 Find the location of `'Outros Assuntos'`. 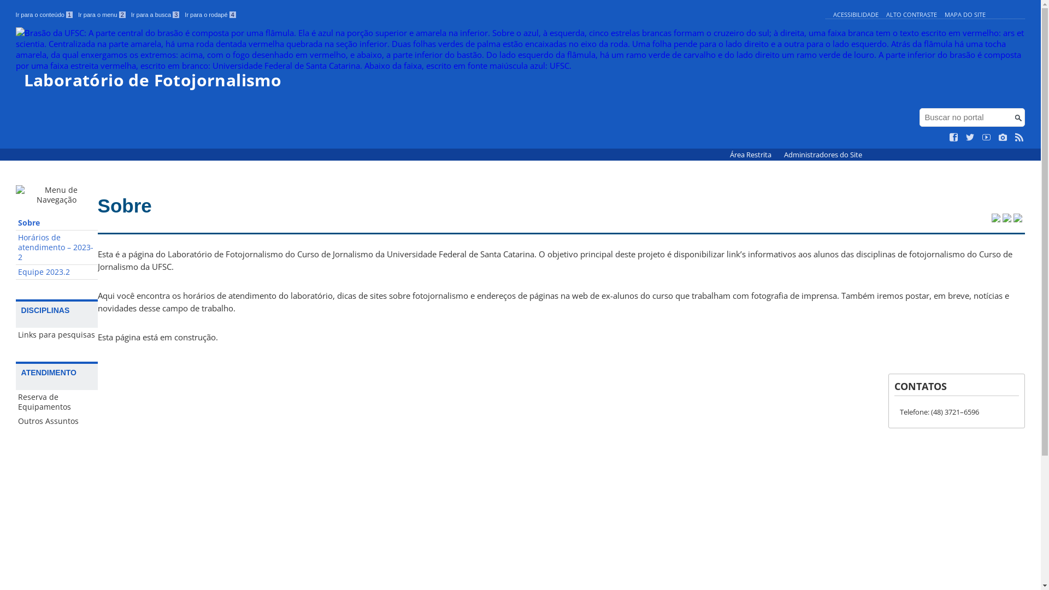

'Outros Assuntos' is located at coordinates (56, 421).